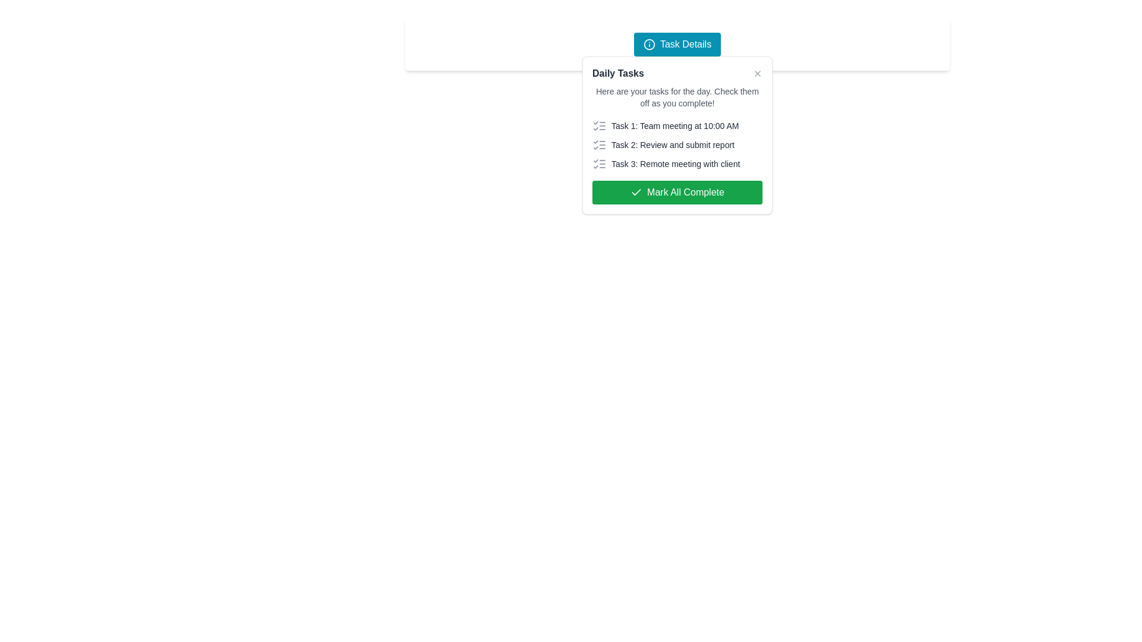 The width and height of the screenshot is (1142, 642). I want to click on the 'Task Details' button which contains the information icon located at the leftmost side of the button, so click(648, 43).